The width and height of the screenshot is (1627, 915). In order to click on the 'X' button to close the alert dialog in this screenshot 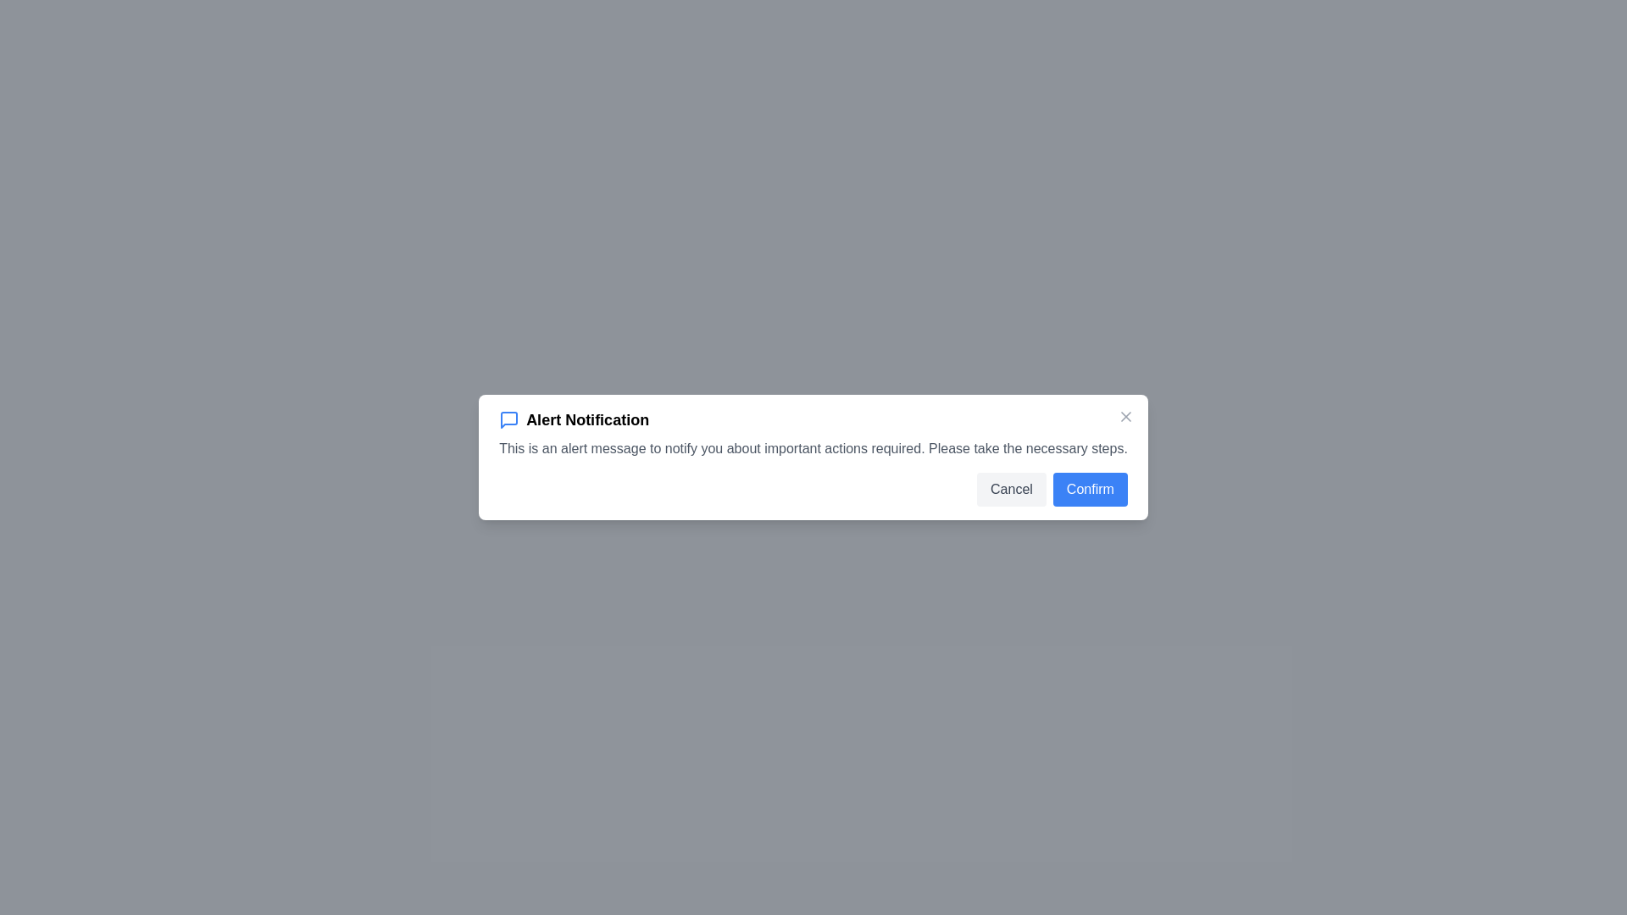, I will do `click(1125, 417)`.